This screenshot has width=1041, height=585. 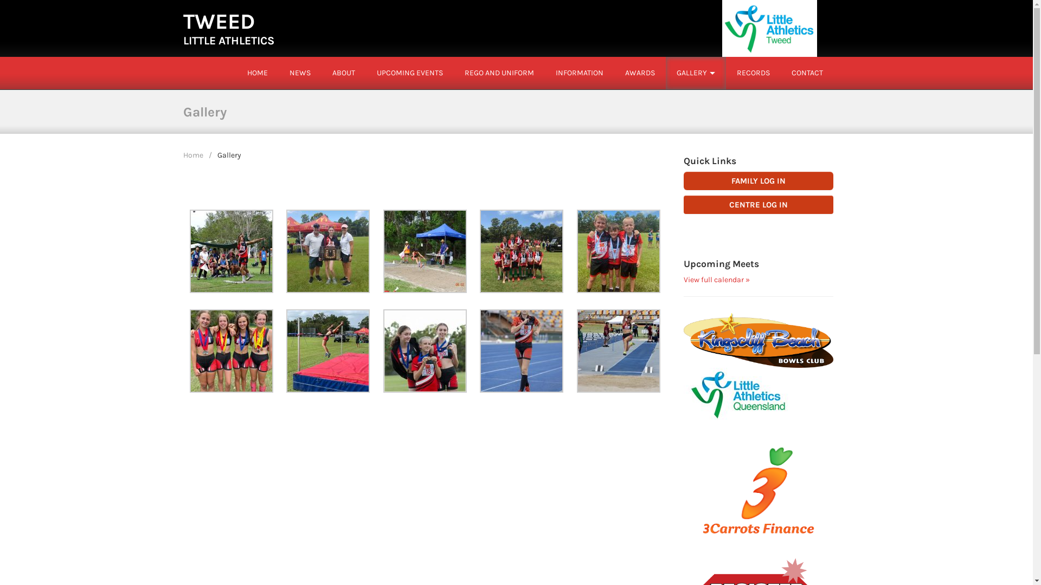 I want to click on 'ABOUT', so click(x=343, y=73).